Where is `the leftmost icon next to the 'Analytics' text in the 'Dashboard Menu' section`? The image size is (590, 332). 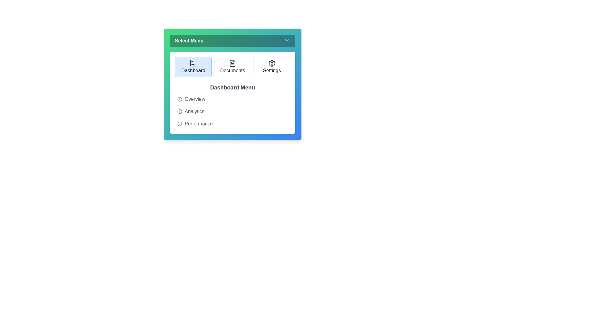
the leftmost icon next to the 'Analytics' text in the 'Dashboard Menu' section is located at coordinates (179, 111).